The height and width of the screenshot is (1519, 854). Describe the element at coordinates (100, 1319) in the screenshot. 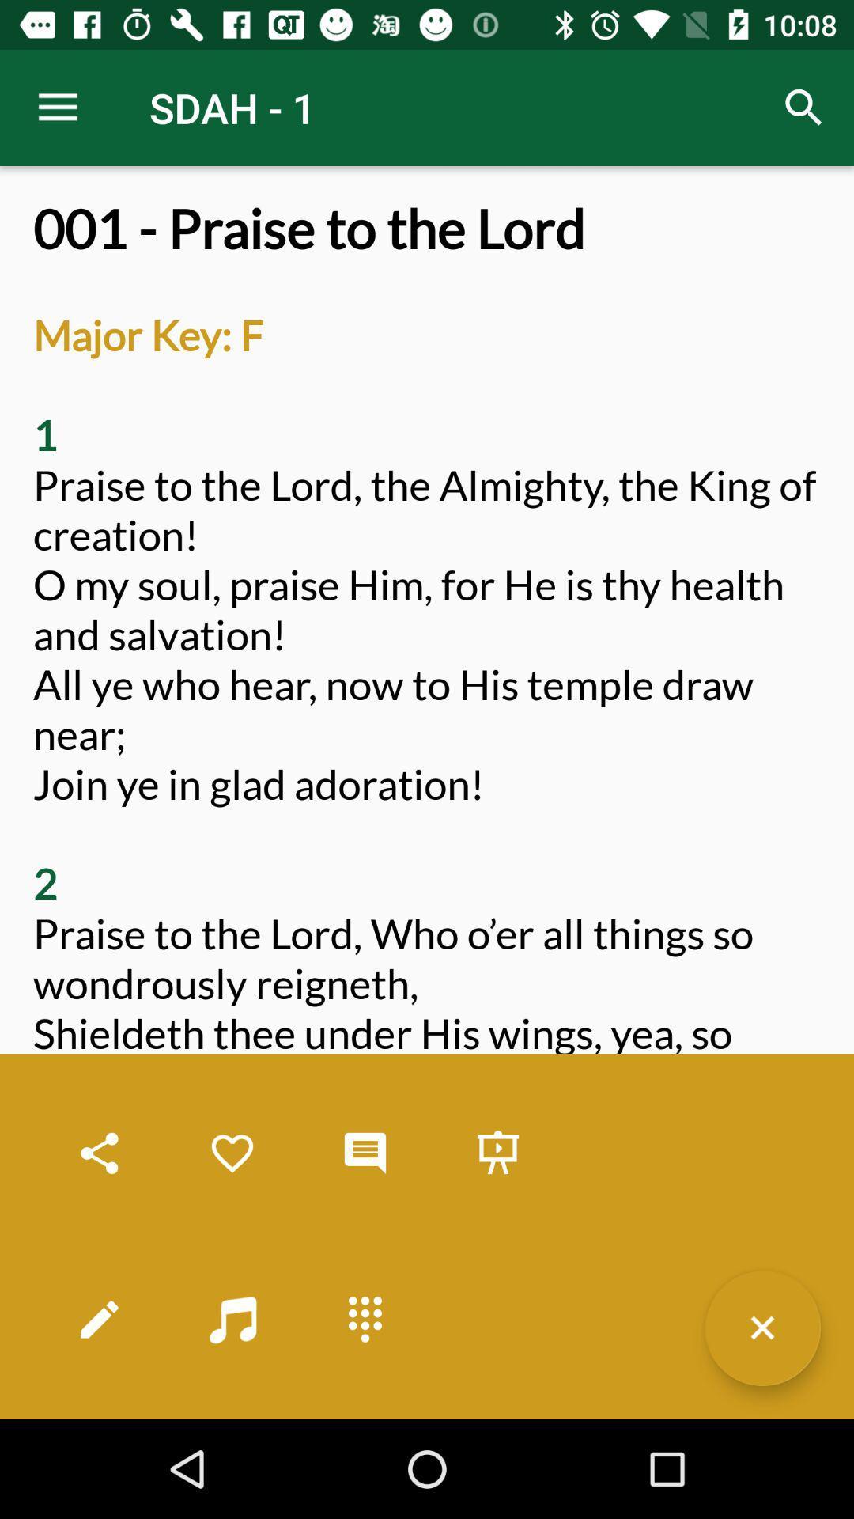

I see `click edit image` at that location.